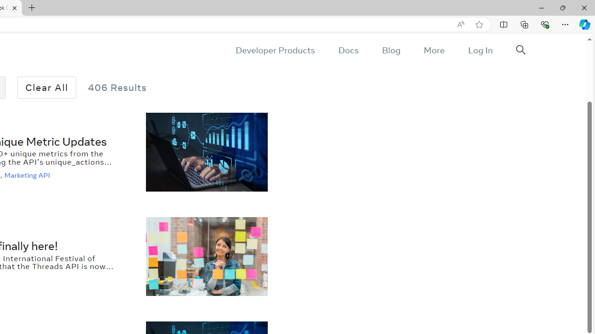  What do you see at coordinates (28, 175) in the screenshot?
I see `'Marketing API'` at bounding box center [28, 175].